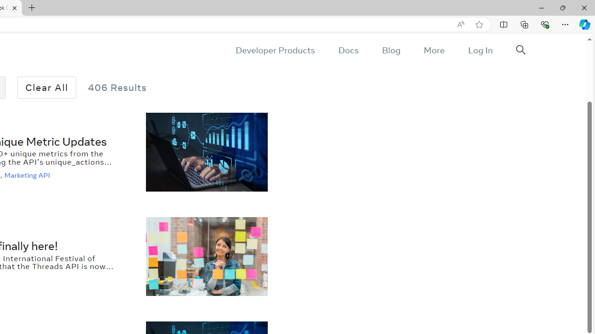  What do you see at coordinates (28, 175) in the screenshot?
I see `'Marketing API'` at bounding box center [28, 175].